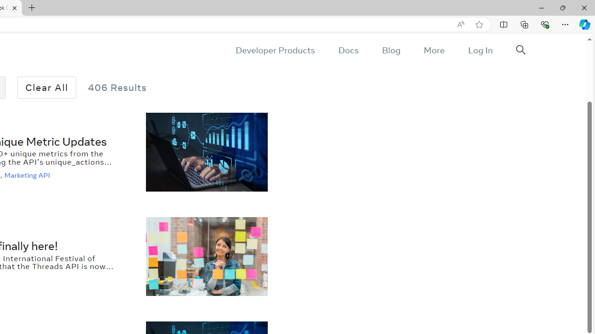  What do you see at coordinates (28, 175) in the screenshot?
I see `'Marketing API'` at bounding box center [28, 175].